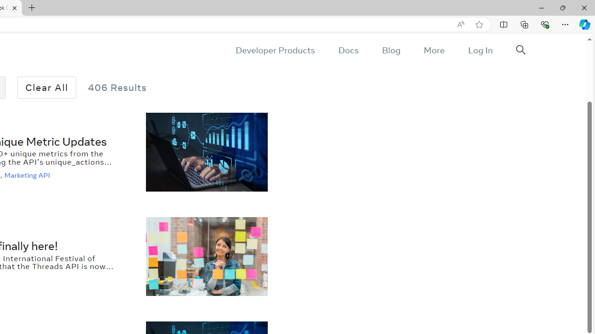  What do you see at coordinates (28, 175) in the screenshot?
I see `'Marketing API'` at bounding box center [28, 175].